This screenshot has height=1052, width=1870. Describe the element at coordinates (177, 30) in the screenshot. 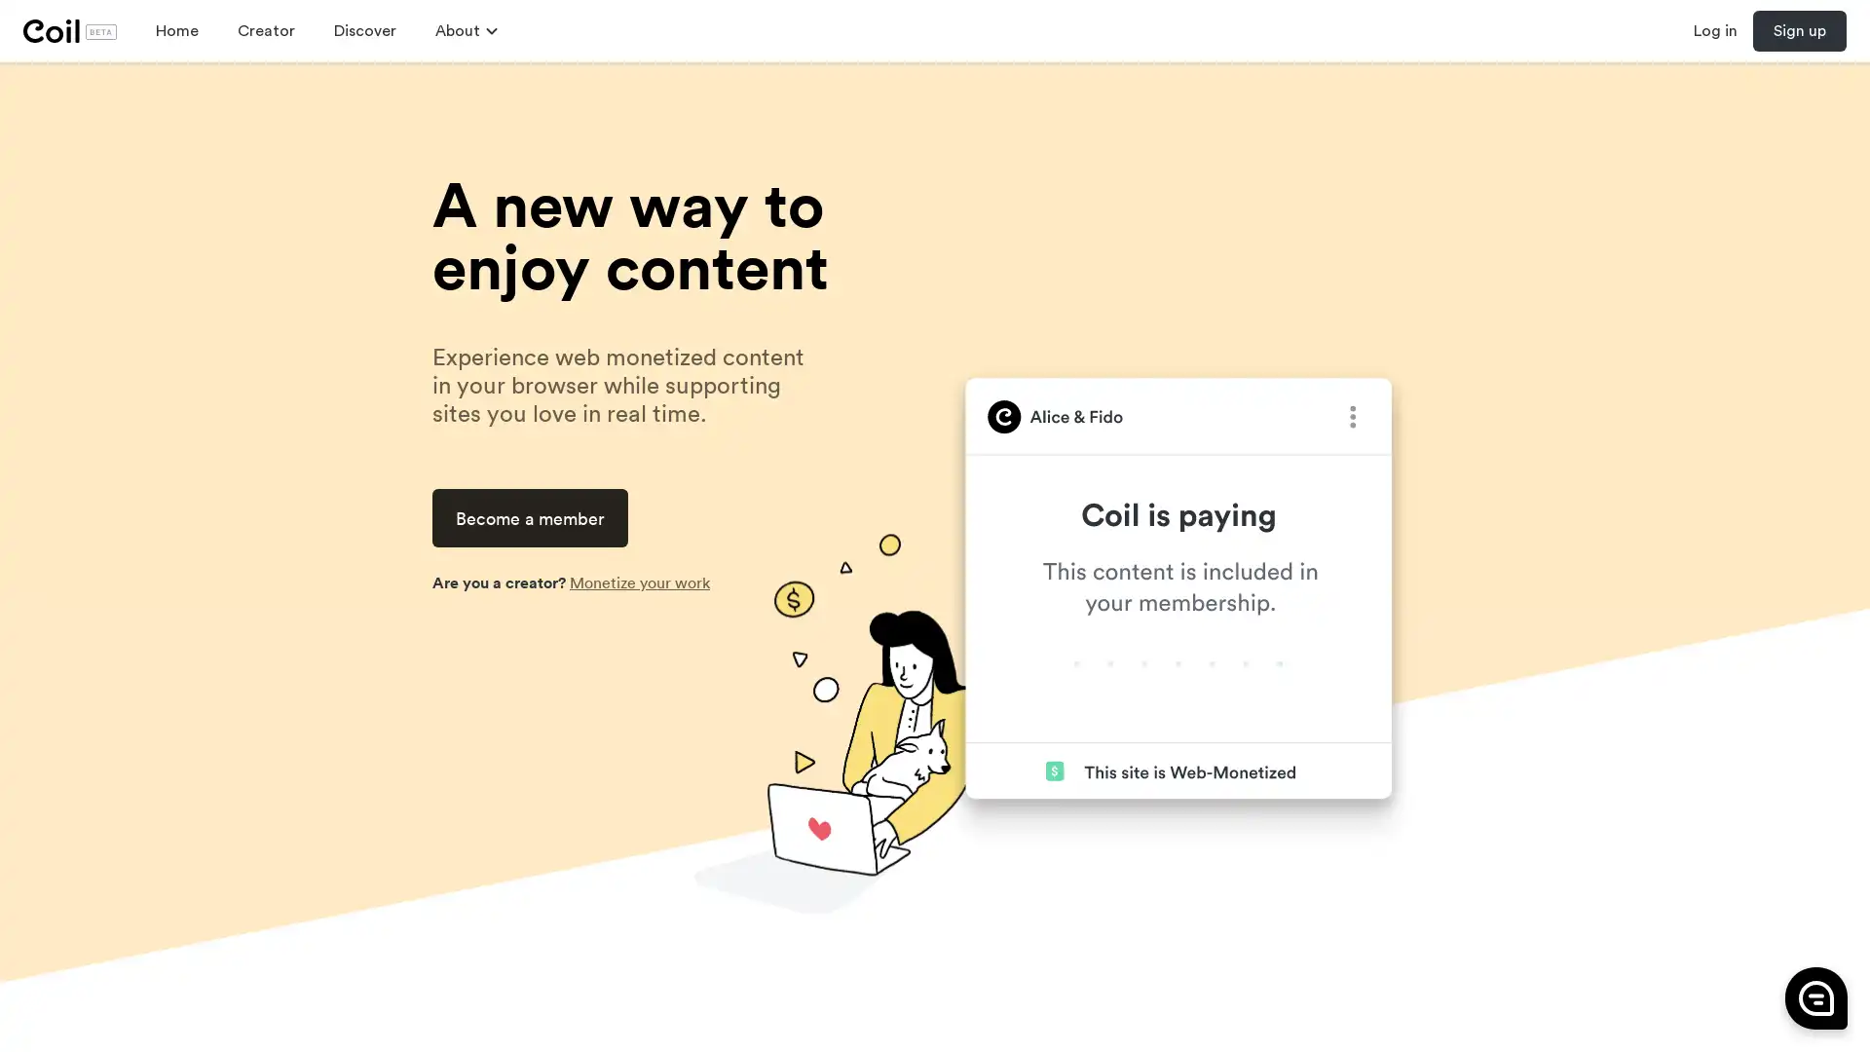

I see `Home` at that location.